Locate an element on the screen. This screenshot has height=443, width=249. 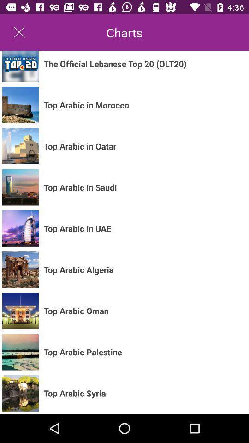
the the official lebanese icon is located at coordinates (115, 63).